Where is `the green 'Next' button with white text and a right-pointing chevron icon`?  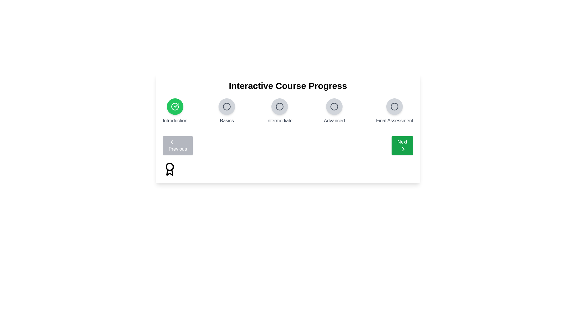 the green 'Next' button with white text and a right-pointing chevron icon is located at coordinates (402, 146).